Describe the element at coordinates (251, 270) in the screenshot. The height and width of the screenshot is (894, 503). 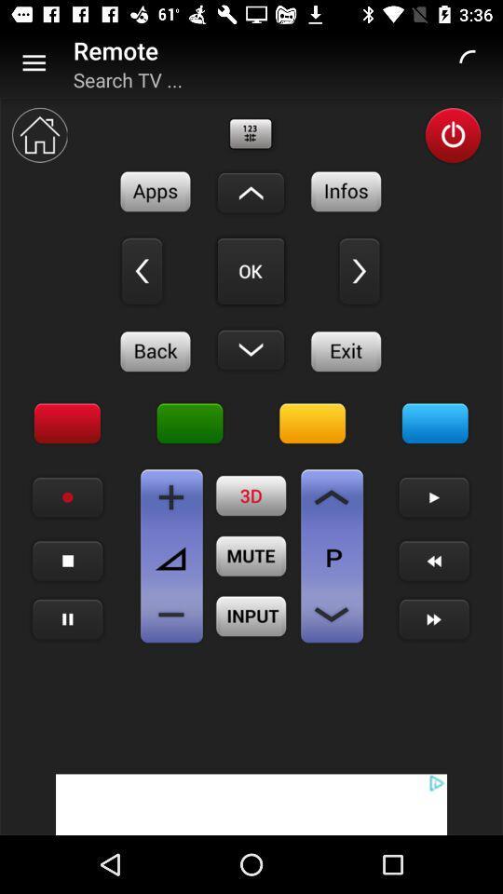
I see `my selection` at that location.